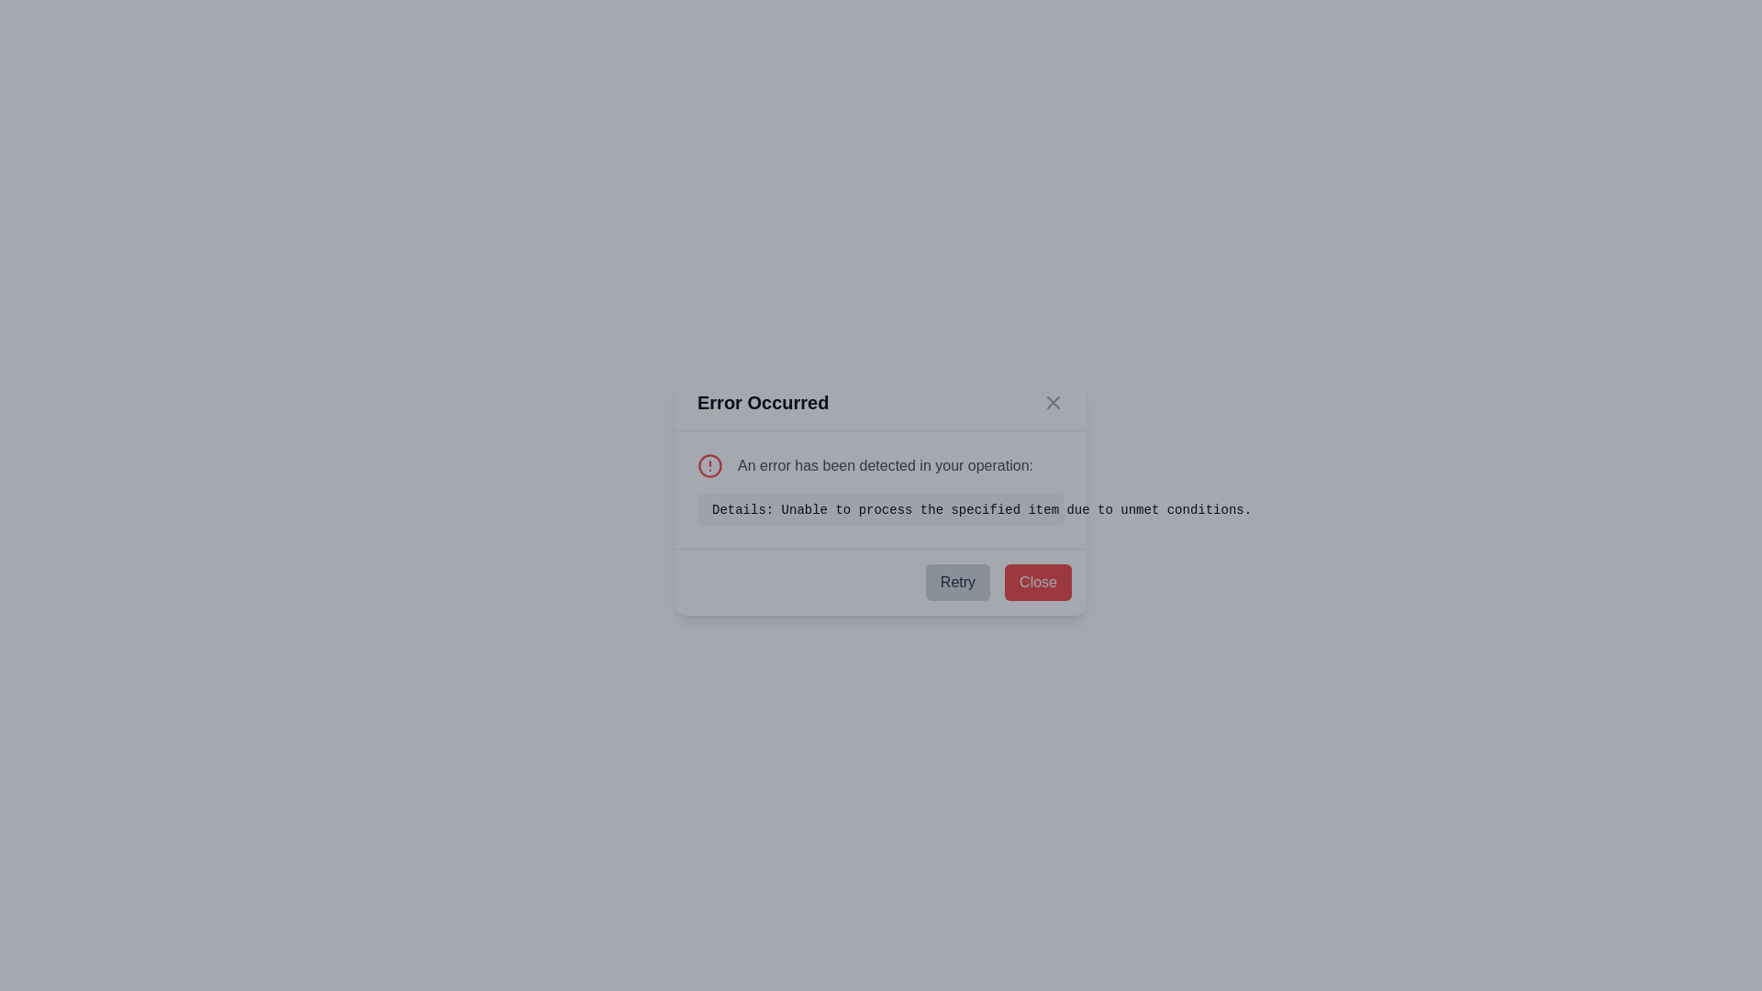 Image resolution: width=1762 pixels, height=991 pixels. Describe the element at coordinates (1038, 583) in the screenshot. I see `the 'Close' button, which is a rectangular button with white text on a red background located at the bottom of a modal dialog` at that location.